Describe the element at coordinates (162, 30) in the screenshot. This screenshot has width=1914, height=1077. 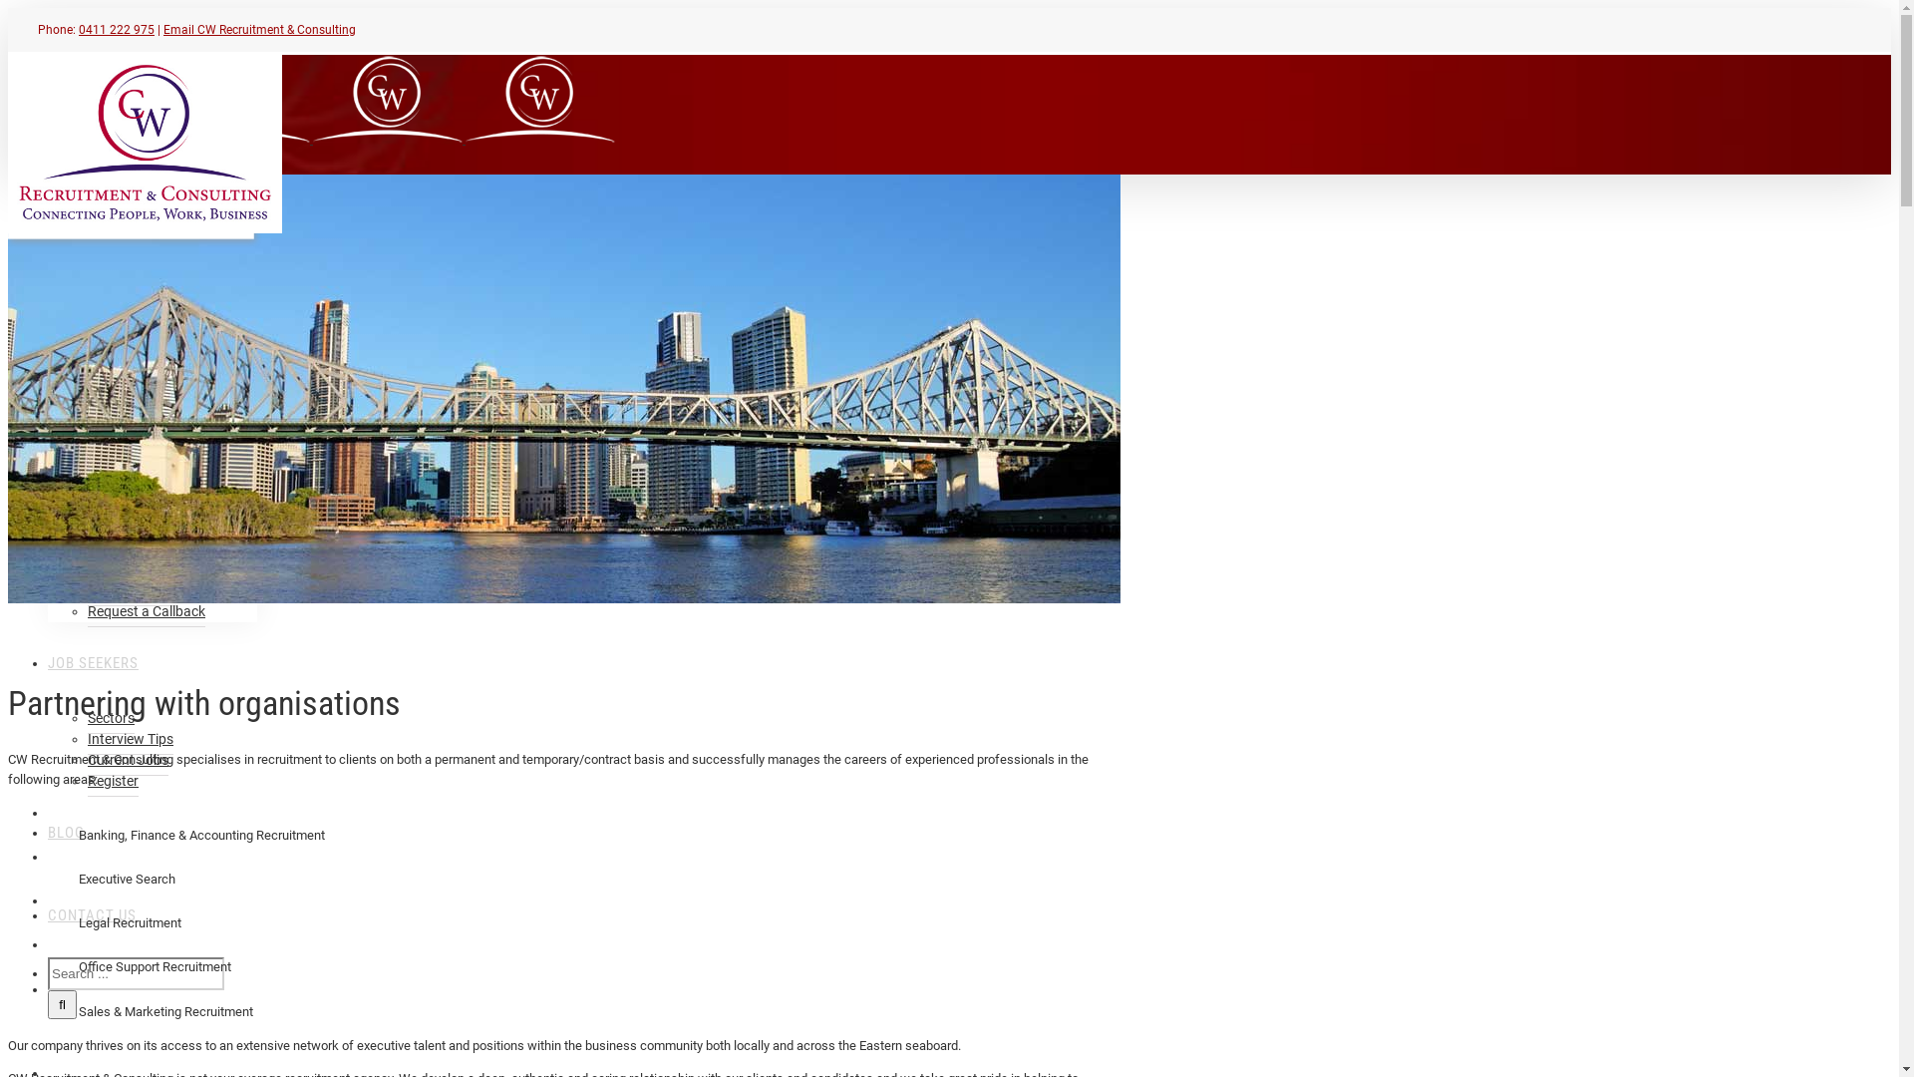
I see `'Email CW Recruitment & Consulting'` at that location.